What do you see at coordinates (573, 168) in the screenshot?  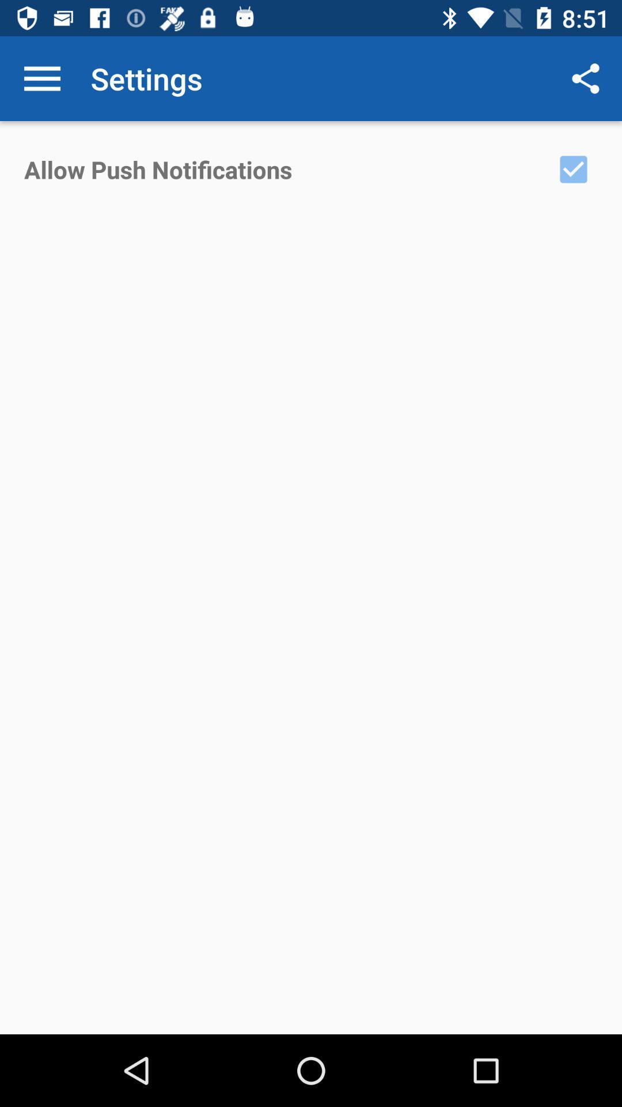 I see `the icon to the right of the allow push notifications item` at bounding box center [573, 168].